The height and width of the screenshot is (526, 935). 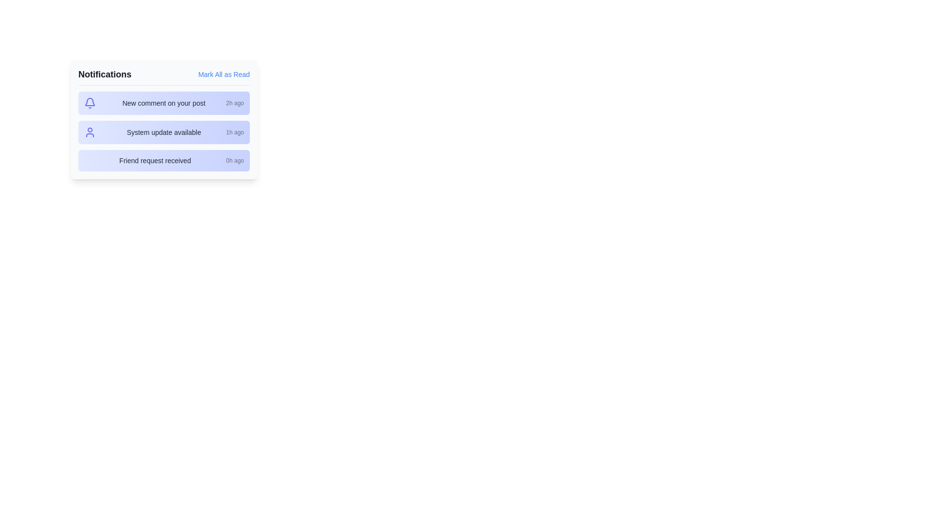 What do you see at coordinates (90, 102) in the screenshot?
I see `the notification icon located in the top-left corner of the notification widget, which indicates the presence of new notifications` at bounding box center [90, 102].